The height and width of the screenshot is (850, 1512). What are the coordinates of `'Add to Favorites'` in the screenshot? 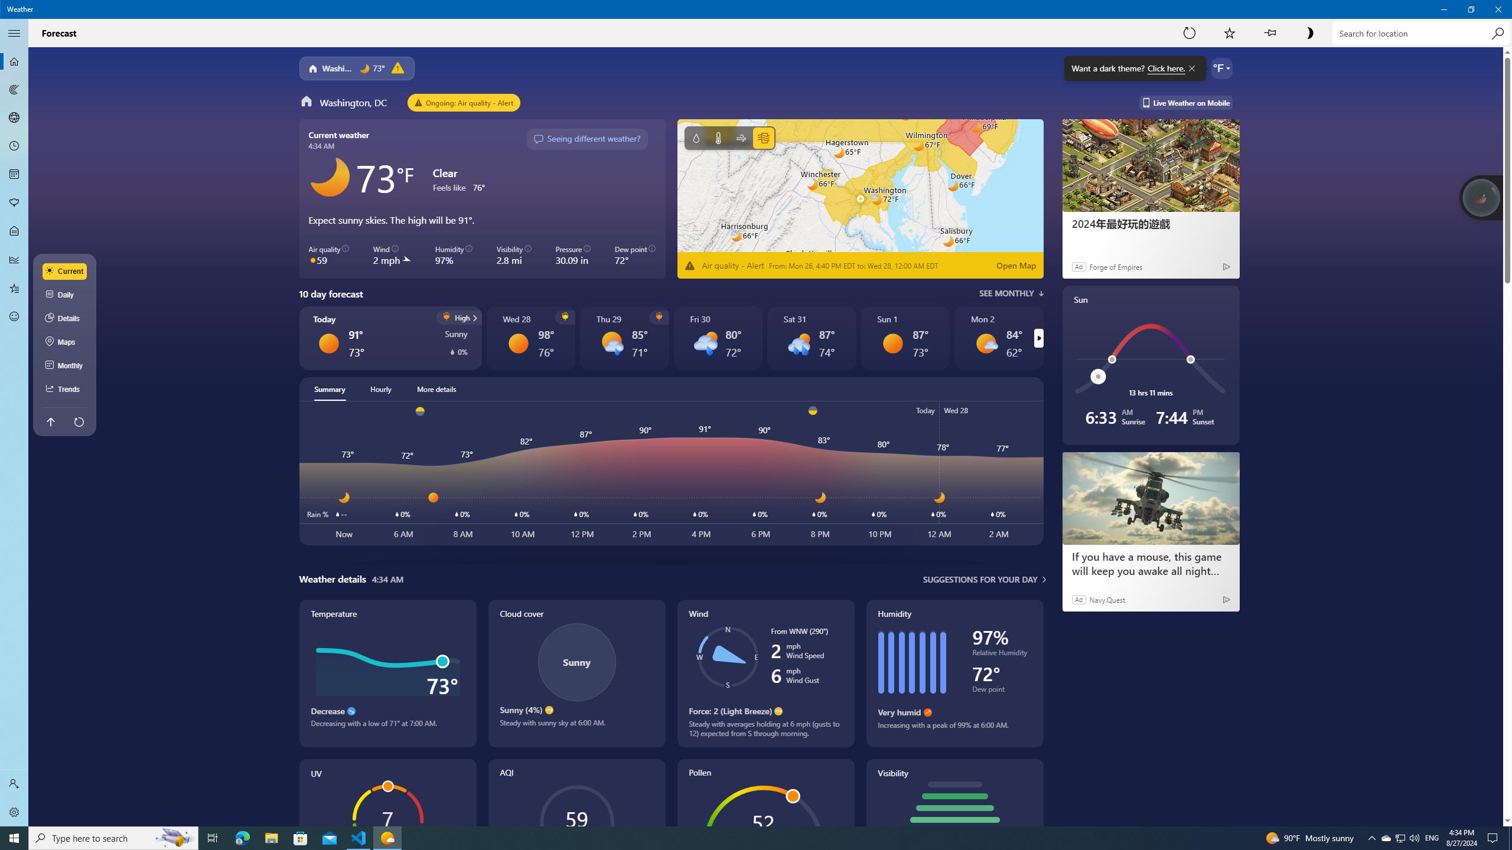 It's located at (1230, 32).